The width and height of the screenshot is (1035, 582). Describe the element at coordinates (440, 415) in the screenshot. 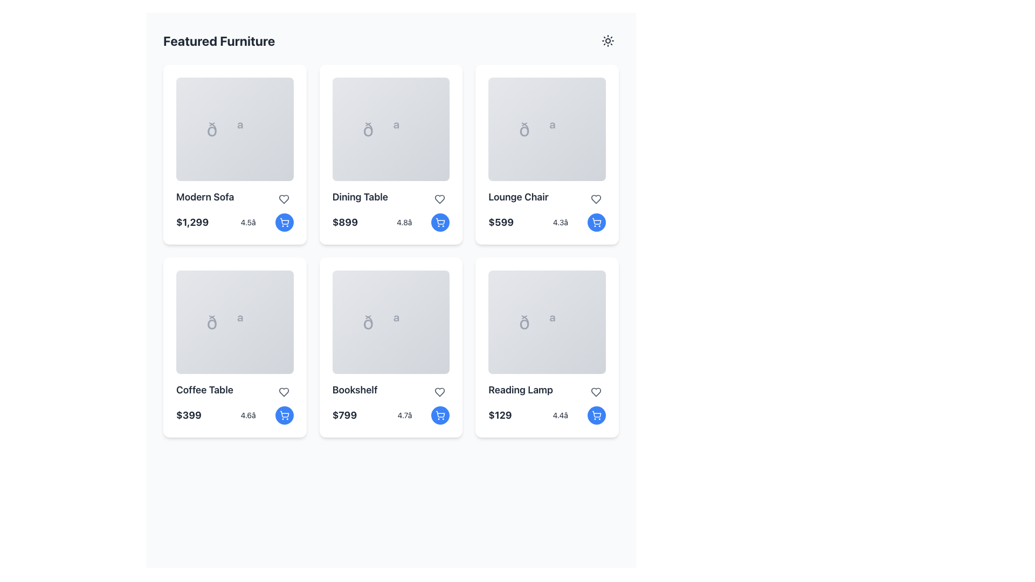

I see `the 'Add to Cart' icon button located in the bottom right corner of the 'Bookshelf' card in the 'Featured Furniture' grid` at that location.